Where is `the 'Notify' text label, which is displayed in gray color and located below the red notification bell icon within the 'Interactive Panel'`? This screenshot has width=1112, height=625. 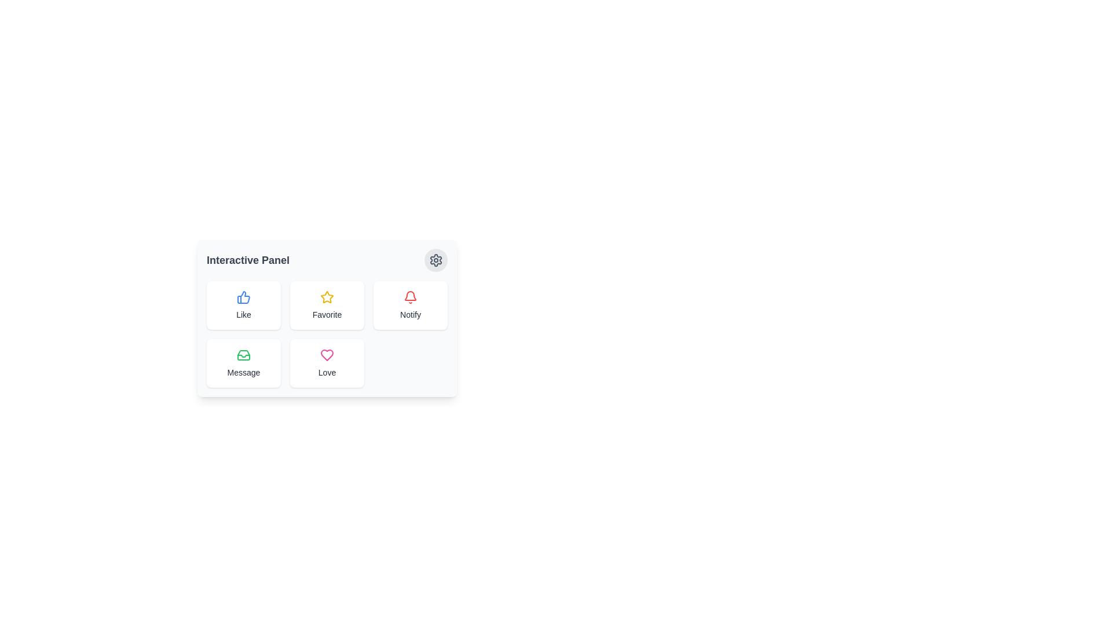
the 'Notify' text label, which is displayed in gray color and located below the red notification bell icon within the 'Interactive Panel' is located at coordinates (411, 314).